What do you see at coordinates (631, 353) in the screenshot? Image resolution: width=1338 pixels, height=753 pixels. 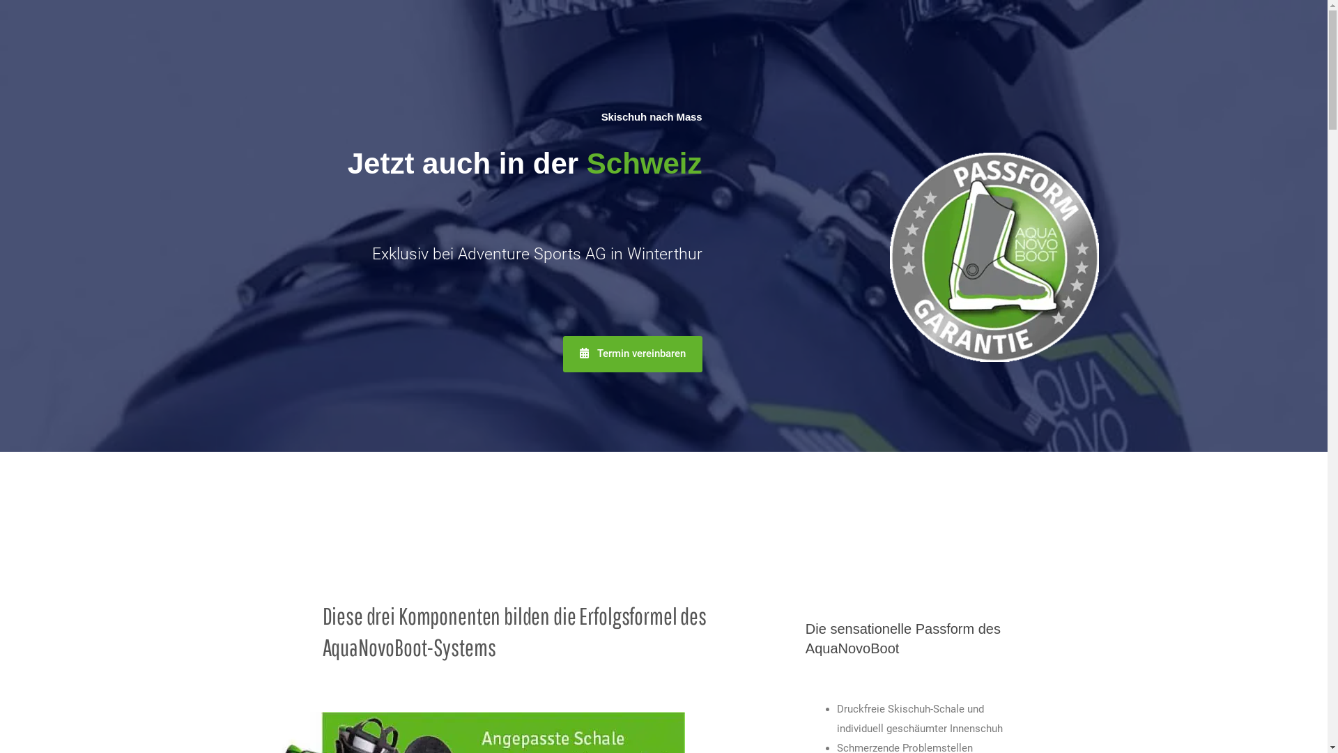 I see `'Termin vereinbaren'` at bounding box center [631, 353].